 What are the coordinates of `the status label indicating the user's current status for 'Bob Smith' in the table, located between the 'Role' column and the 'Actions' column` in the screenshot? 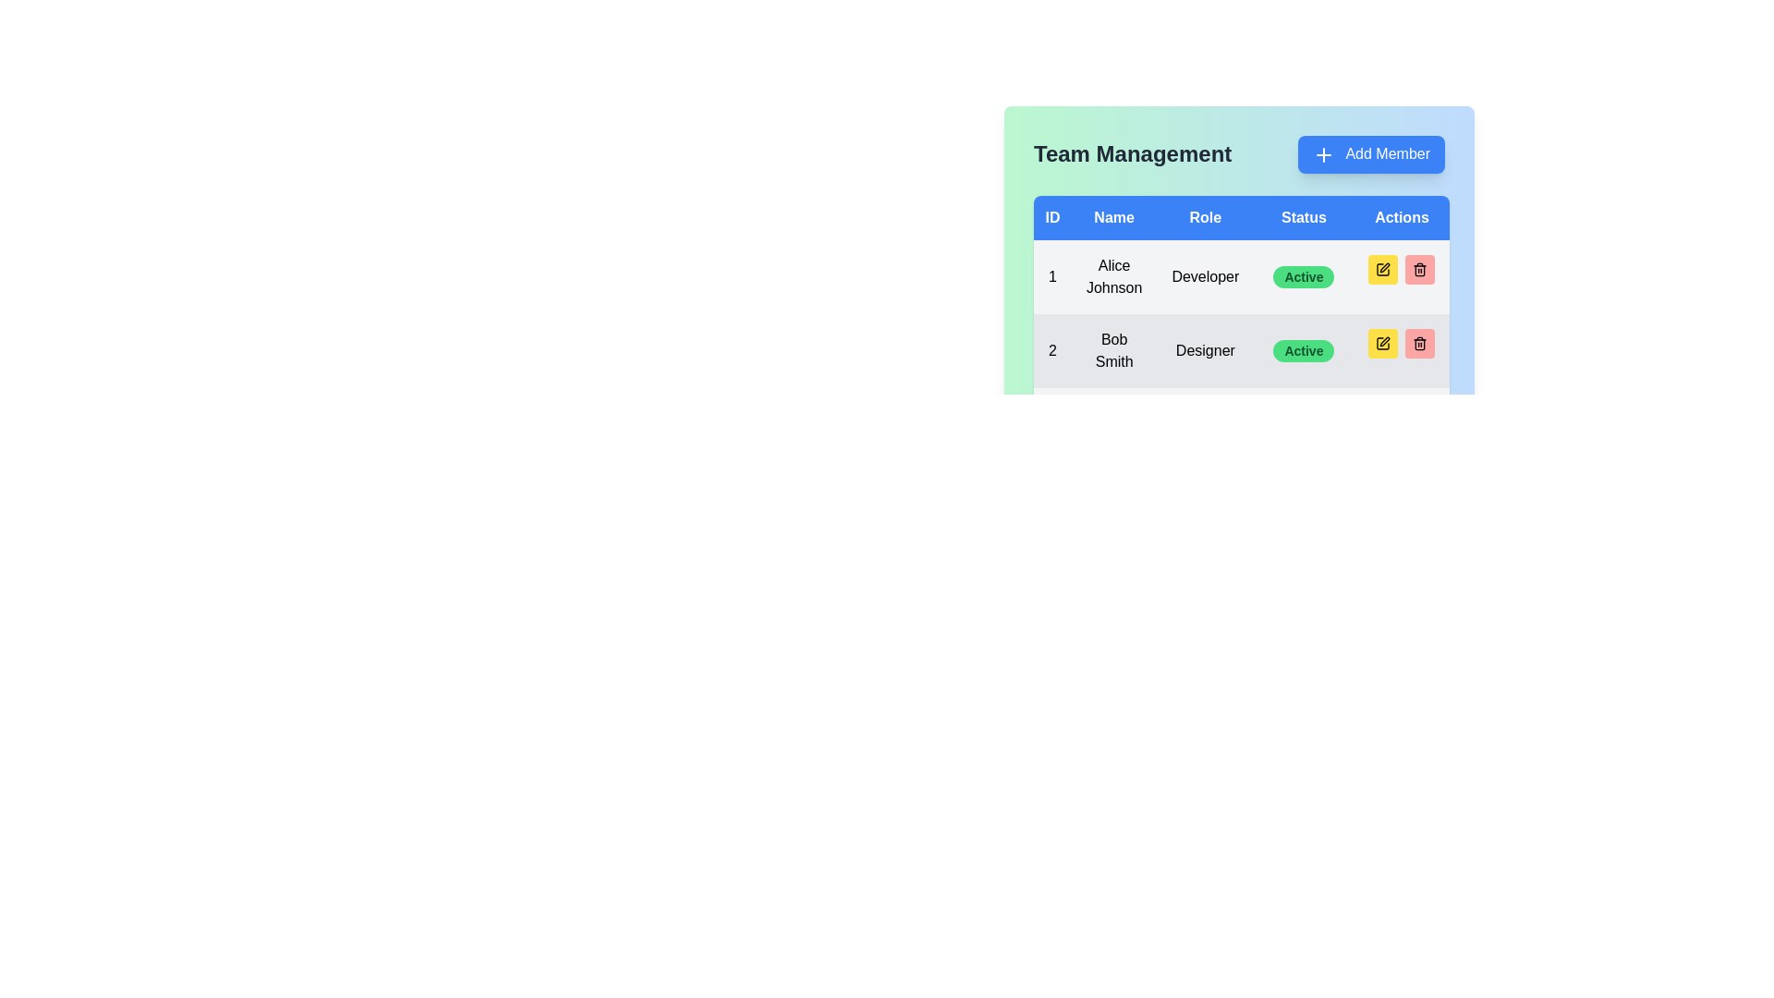 It's located at (1303, 350).